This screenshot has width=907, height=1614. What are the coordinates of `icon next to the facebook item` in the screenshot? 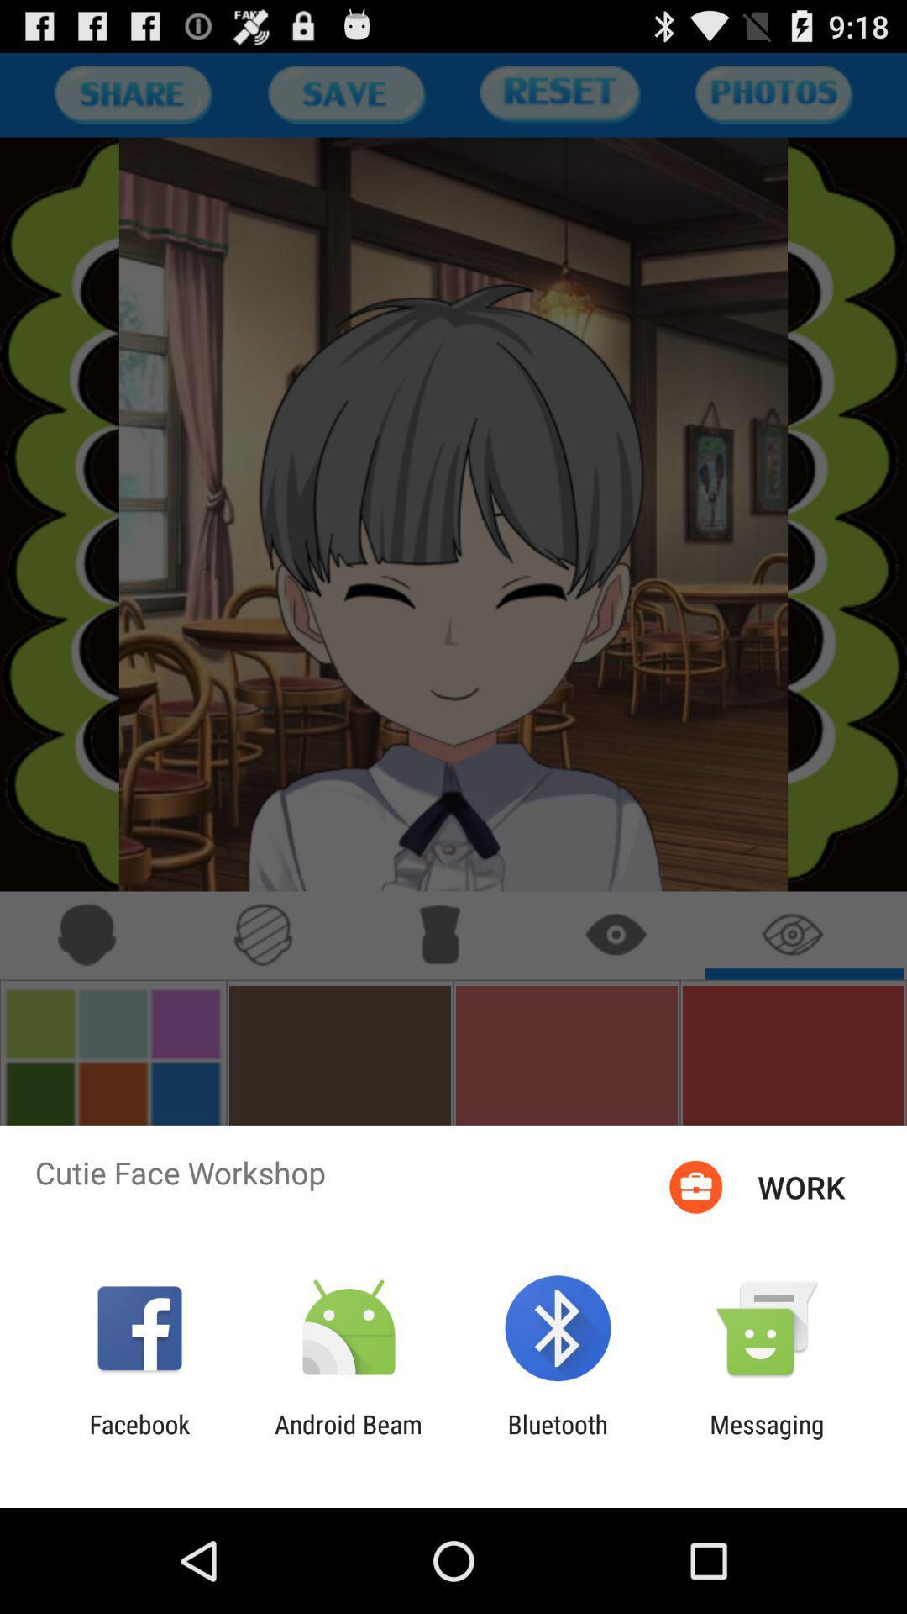 It's located at (348, 1438).